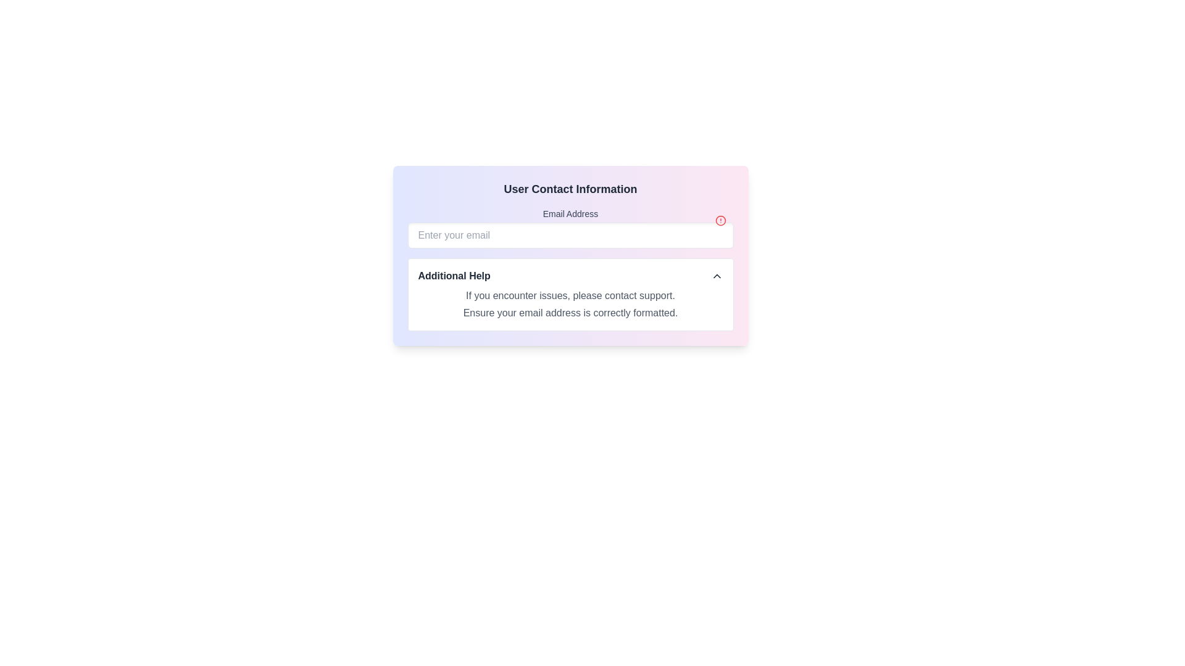  What do you see at coordinates (717, 275) in the screenshot?
I see `the SVG chevron down icon located to the right of the text 'Additional Help'` at bounding box center [717, 275].